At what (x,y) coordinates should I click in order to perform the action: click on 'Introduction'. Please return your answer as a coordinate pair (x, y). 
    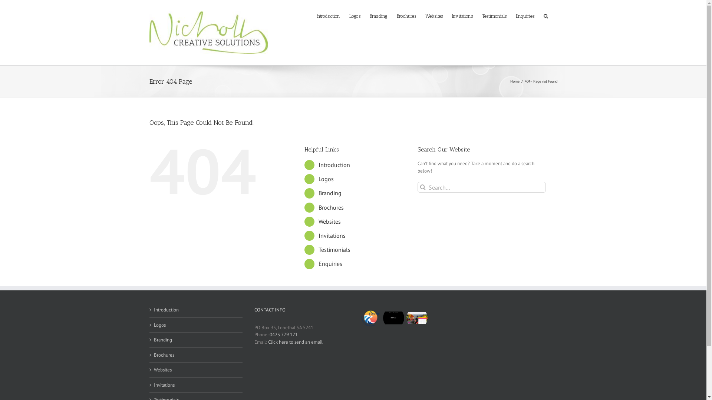
    Looking at the image, I should click on (334, 164).